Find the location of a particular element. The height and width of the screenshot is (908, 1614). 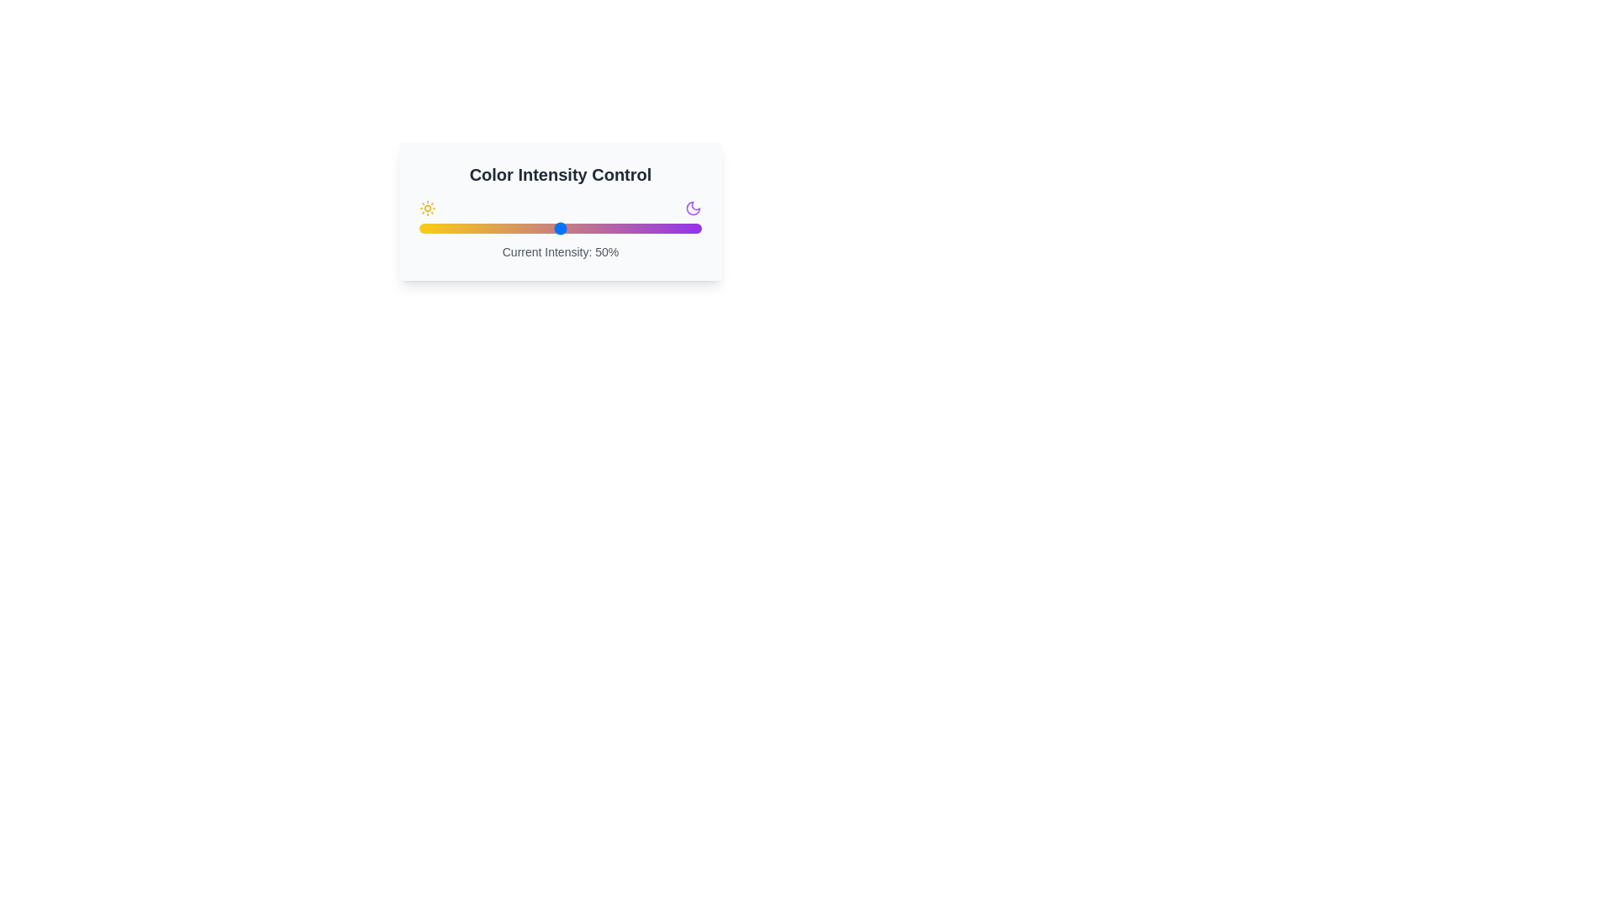

the color intensity to 13% by adjusting the slider is located at coordinates (456, 229).